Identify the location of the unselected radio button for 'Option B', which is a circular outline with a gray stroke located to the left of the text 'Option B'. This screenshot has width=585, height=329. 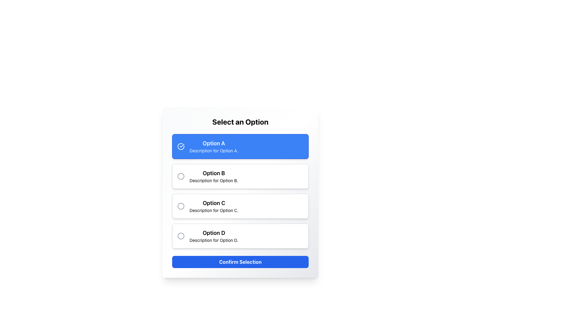
(181, 176).